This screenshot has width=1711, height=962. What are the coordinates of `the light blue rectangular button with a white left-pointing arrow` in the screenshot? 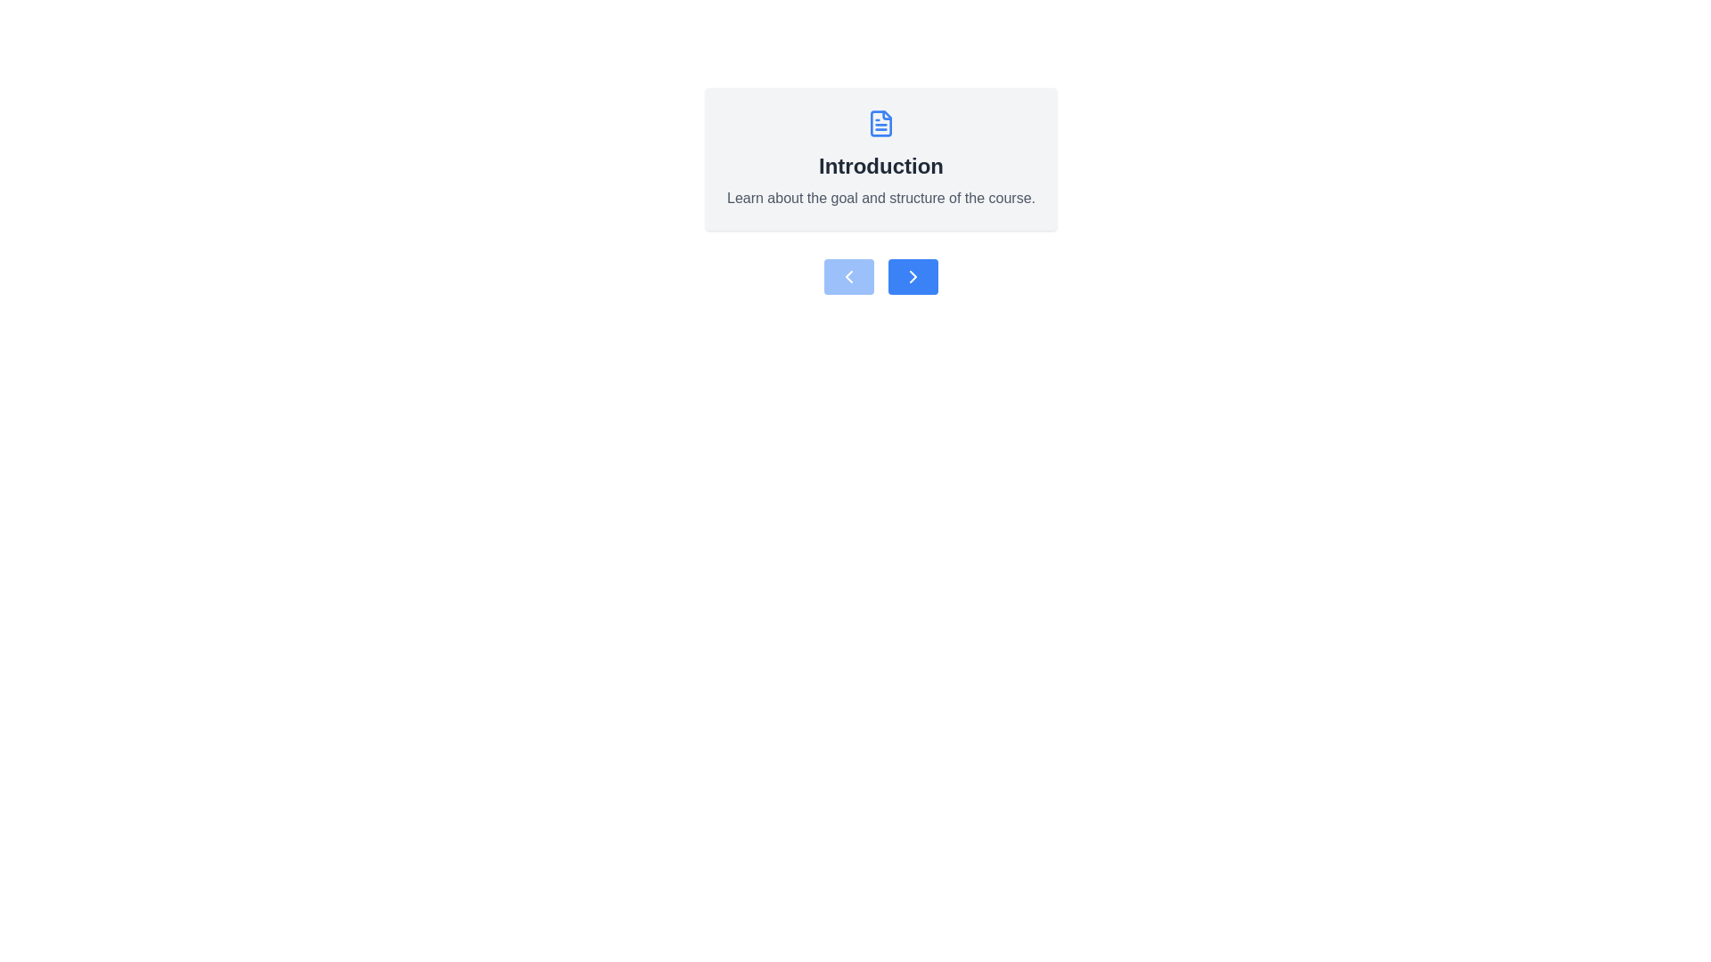 It's located at (848, 277).